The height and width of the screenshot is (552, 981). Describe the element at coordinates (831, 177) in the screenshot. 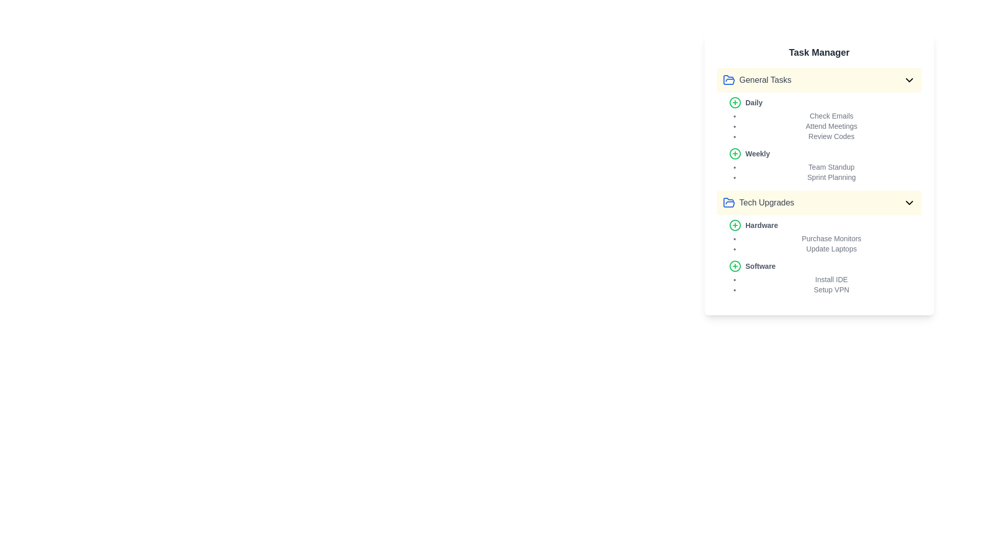

I see `the 'Sprint Planning' text label located beneath 'Team Standup'` at that location.